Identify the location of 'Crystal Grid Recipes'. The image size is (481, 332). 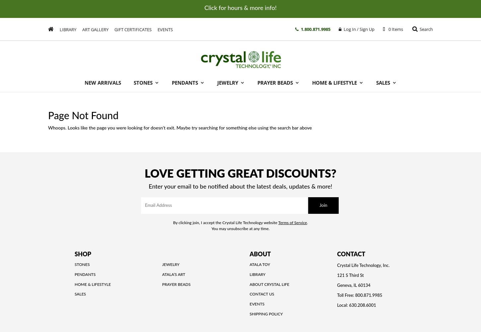
(163, 157).